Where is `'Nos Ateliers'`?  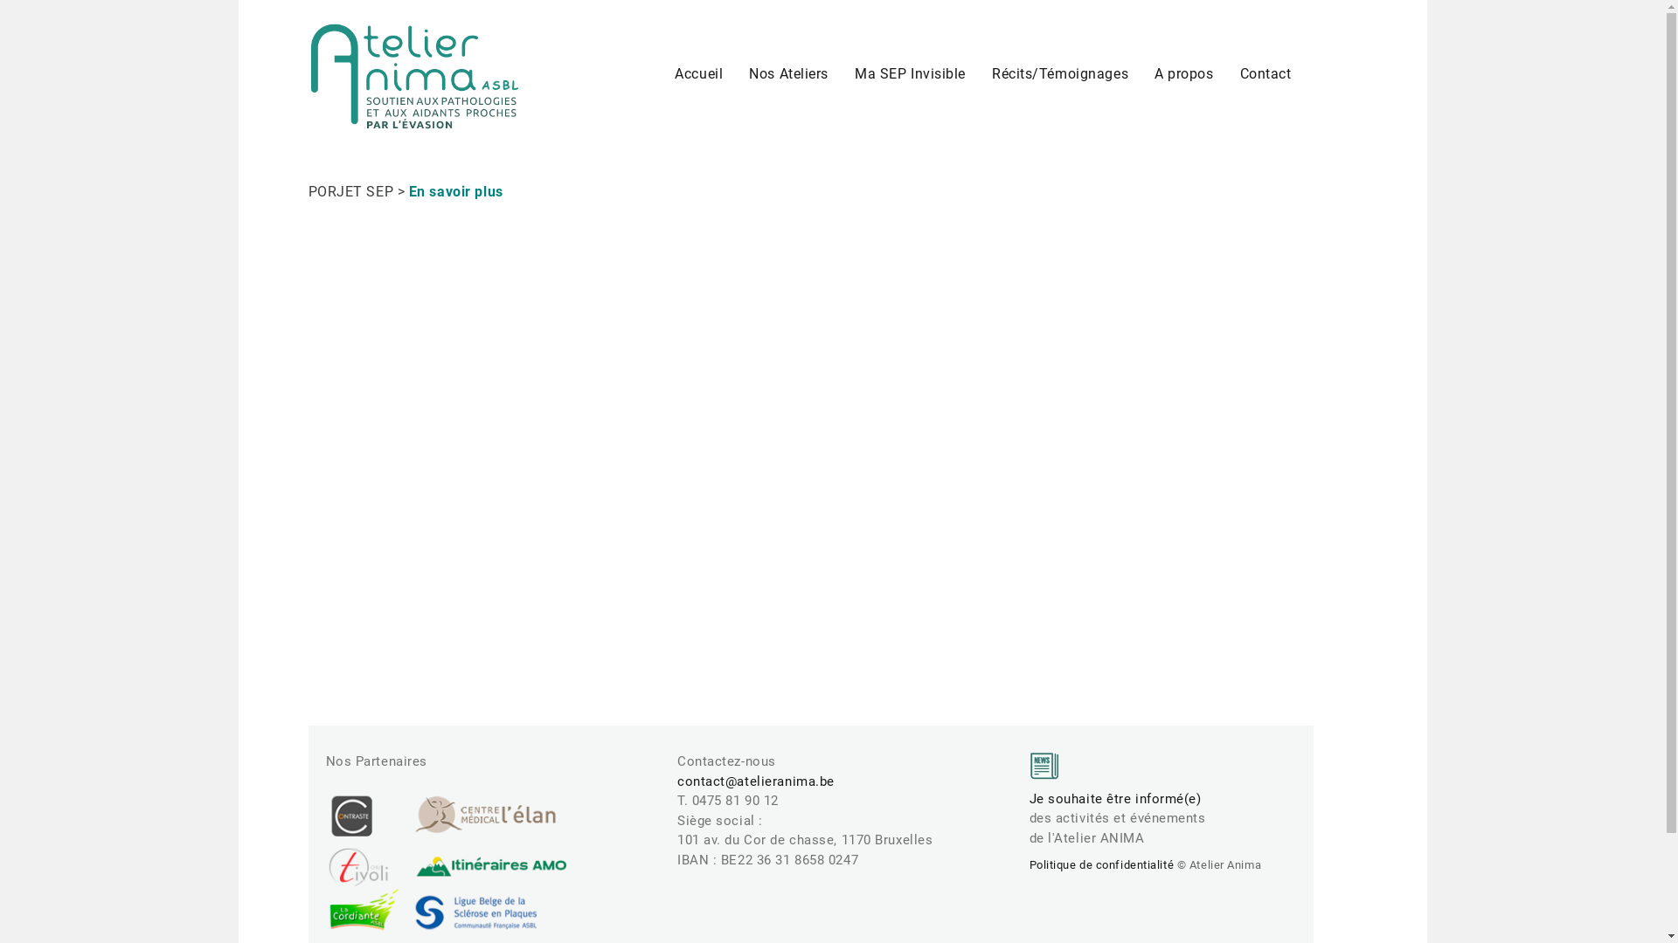
'Nos Ateliers' is located at coordinates (787, 72).